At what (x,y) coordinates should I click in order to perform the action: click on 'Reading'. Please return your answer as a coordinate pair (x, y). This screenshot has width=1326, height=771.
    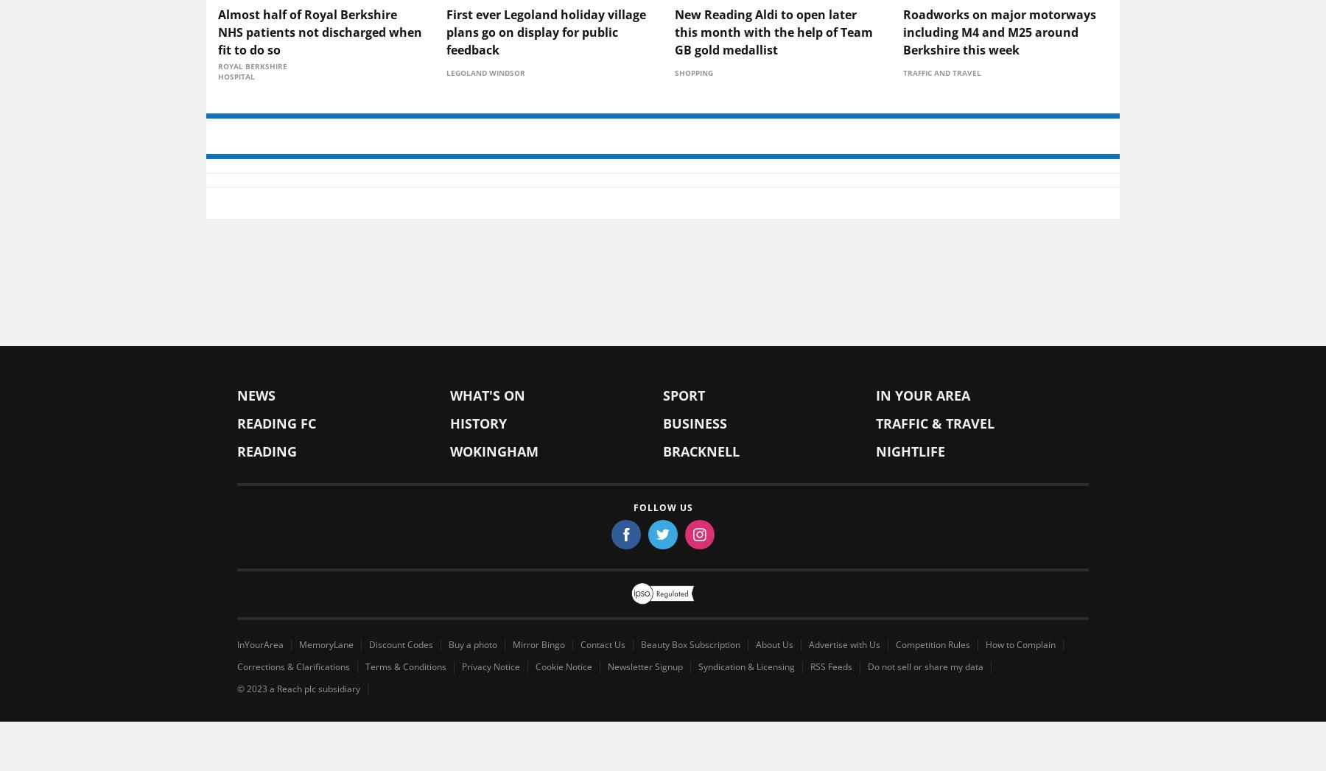
    Looking at the image, I should click on (267, 567).